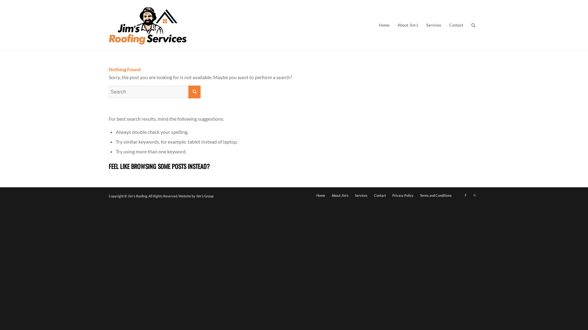  Describe the element at coordinates (320, 195) in the screenshot. I see `'Home'` at that location.